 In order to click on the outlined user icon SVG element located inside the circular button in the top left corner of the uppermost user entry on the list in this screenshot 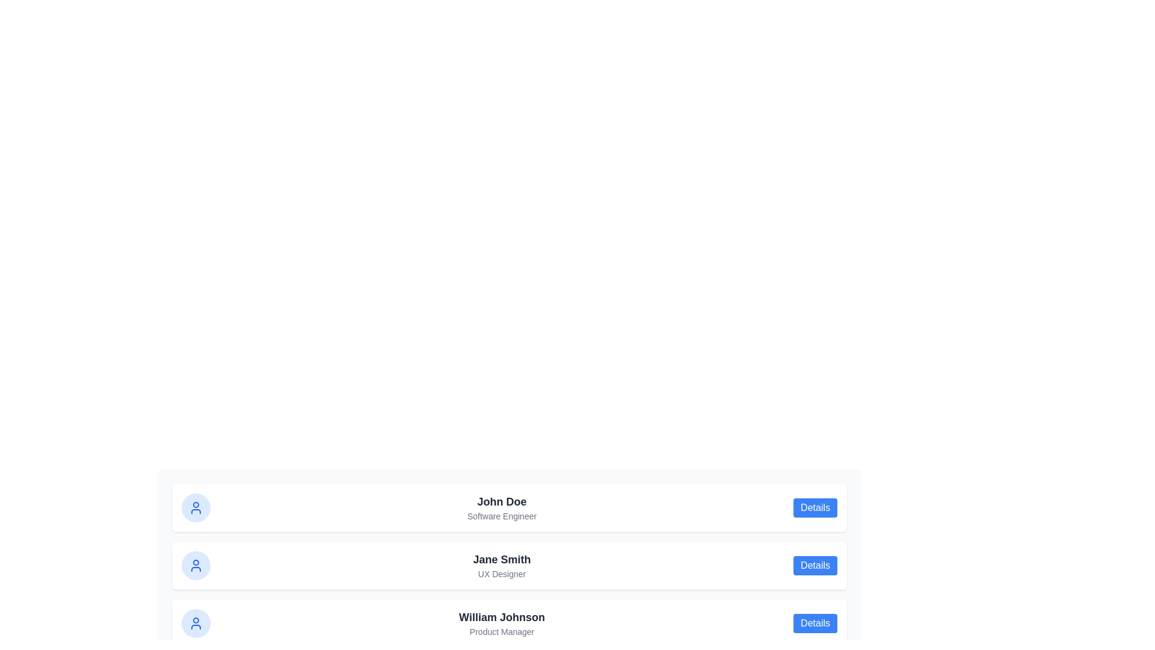, I will do `click(196, 508)`.